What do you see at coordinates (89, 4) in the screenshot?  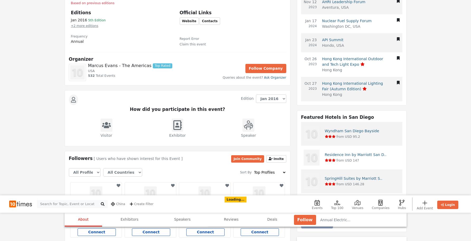 I see `'Add Your Review'` at bounding box center [89, 4].